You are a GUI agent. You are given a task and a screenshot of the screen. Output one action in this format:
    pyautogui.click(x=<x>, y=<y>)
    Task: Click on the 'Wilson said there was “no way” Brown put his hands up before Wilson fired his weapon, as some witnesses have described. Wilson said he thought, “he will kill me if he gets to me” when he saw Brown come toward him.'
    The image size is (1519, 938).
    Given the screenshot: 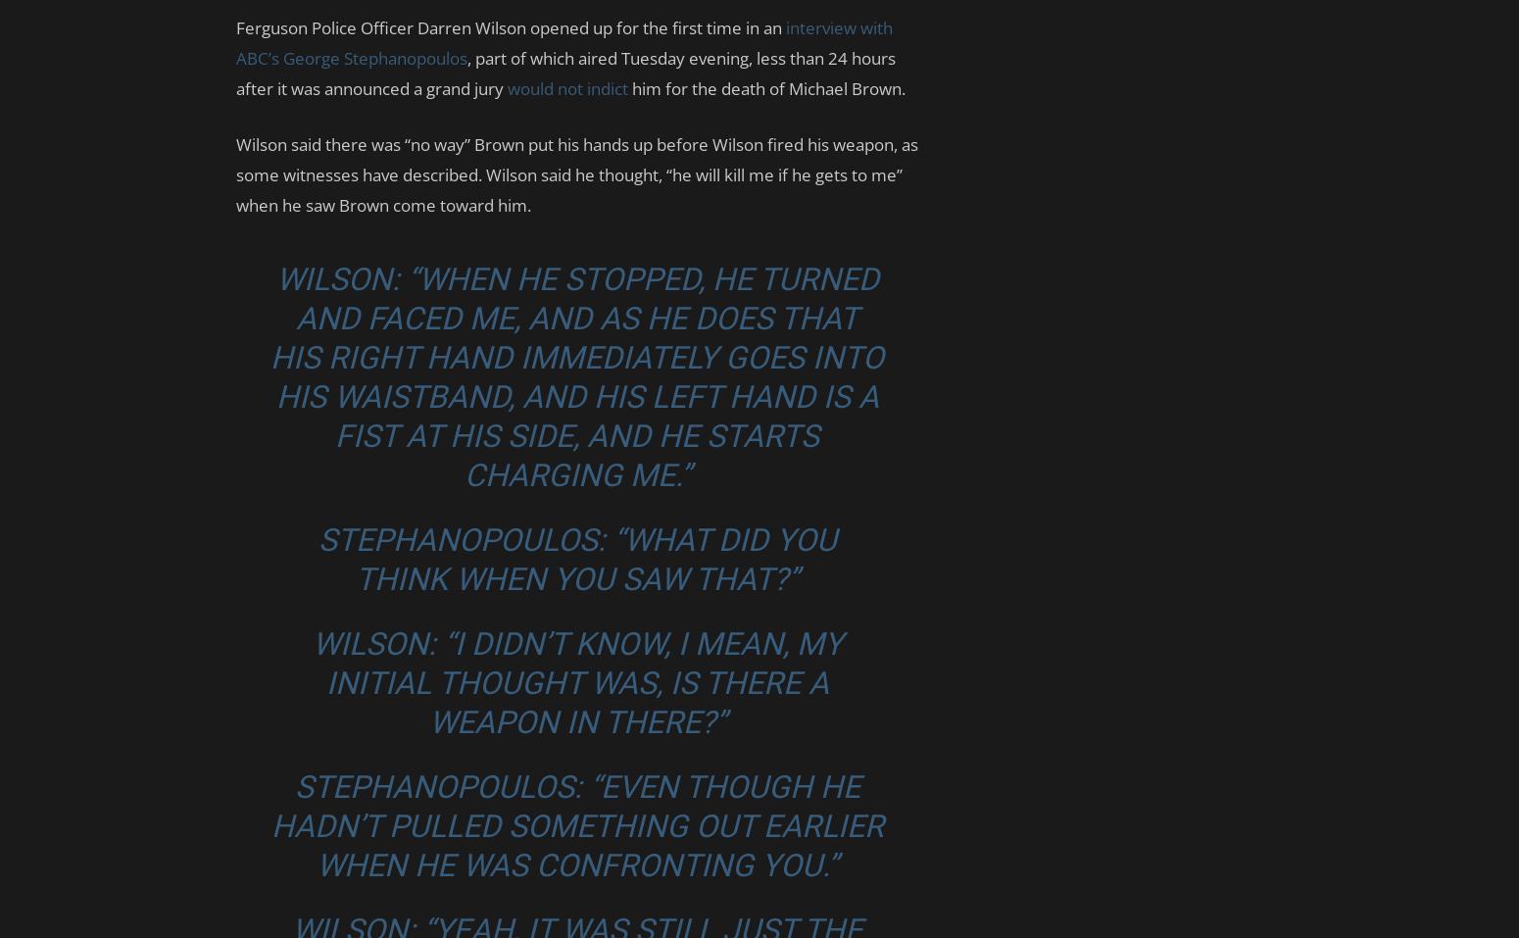 What is the action you would take?
    pyautogui.click(x=577, y=174)
    